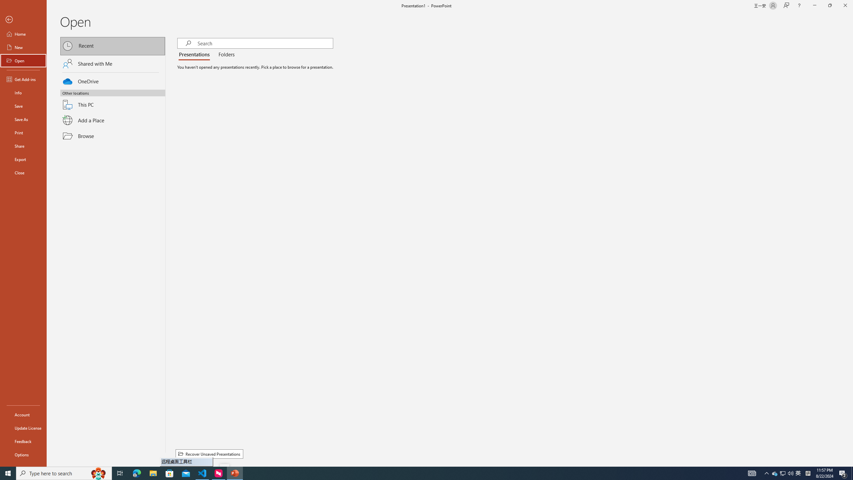 The image size is (853, 480). Describe the element at coordinates (196, 55) in the screenshot. I see `'Presentations'` at that location.